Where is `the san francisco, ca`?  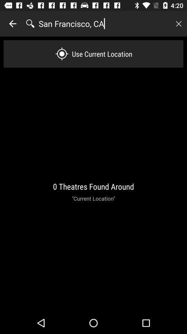 the san francisco, ca is located at coordinates (104, 24).